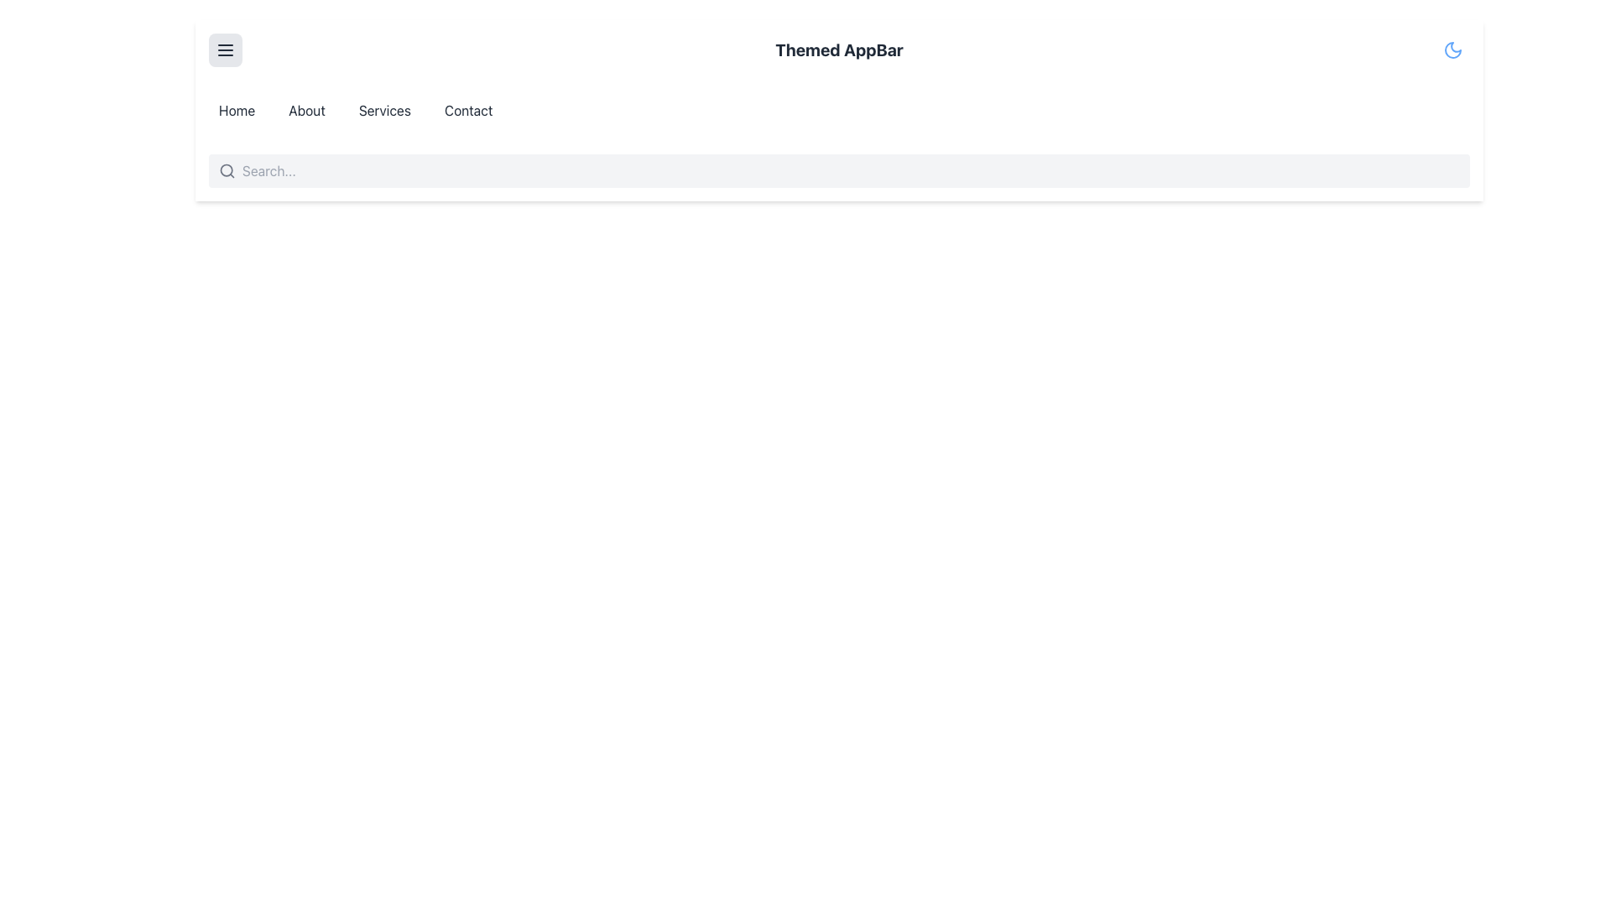  I want to click on the theme toggler button located at the far right of the app bar, so click(1452, 49).